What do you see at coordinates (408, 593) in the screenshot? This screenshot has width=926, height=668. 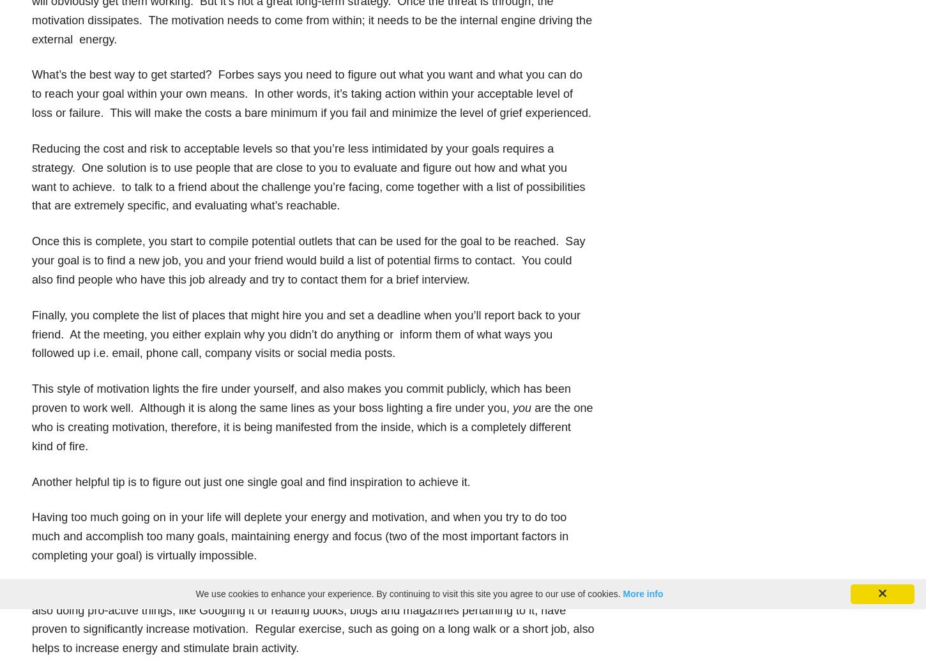 I see `'We use cookies to enhance your experience. By continuing to visit this site you agree to our use of cookies.'` at bounding box center [408, 593].